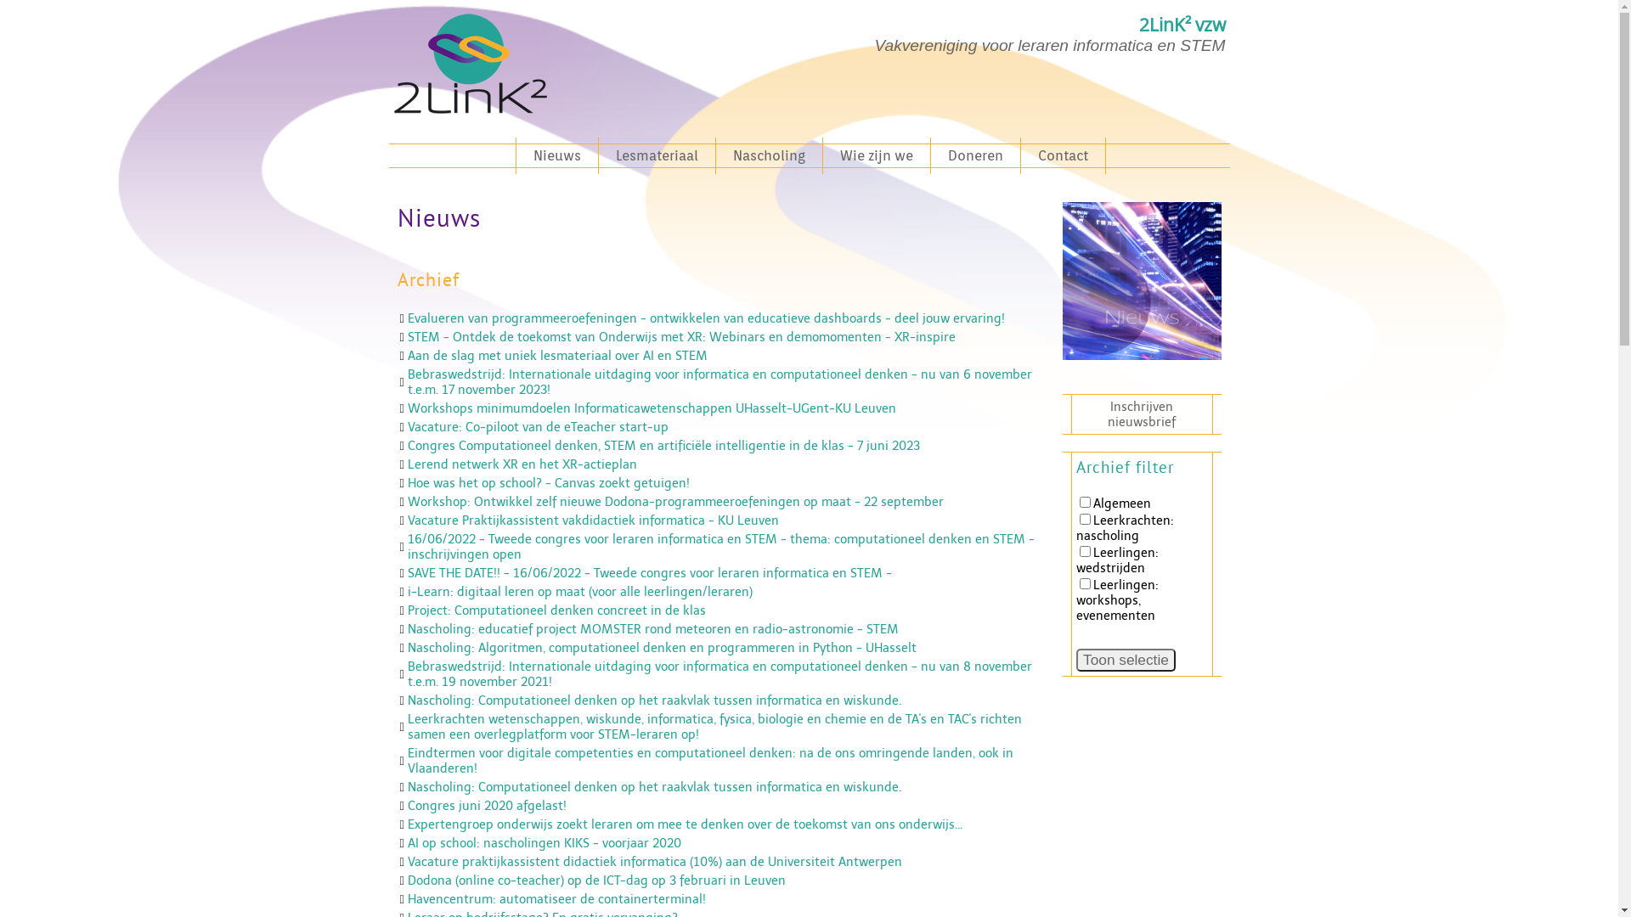 This screenshot has height=917, width=1631. Describe the element at coordinates (876, 155) in the screenshot. I see `'Wie zijn we'` at that location.